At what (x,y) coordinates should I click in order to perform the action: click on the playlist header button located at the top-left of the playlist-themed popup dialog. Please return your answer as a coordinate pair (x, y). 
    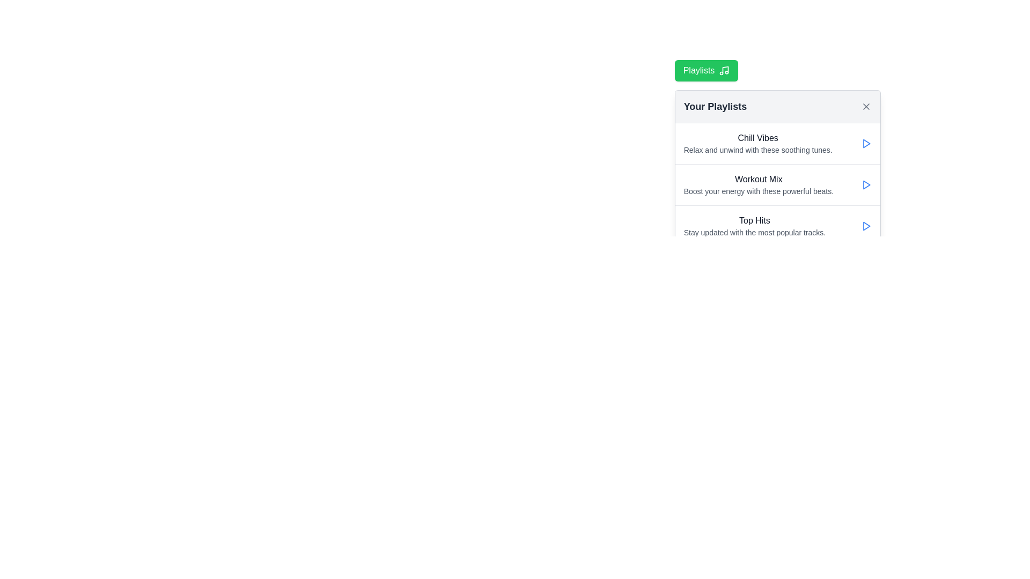
    Looking at the image, I should click on (706, 70).